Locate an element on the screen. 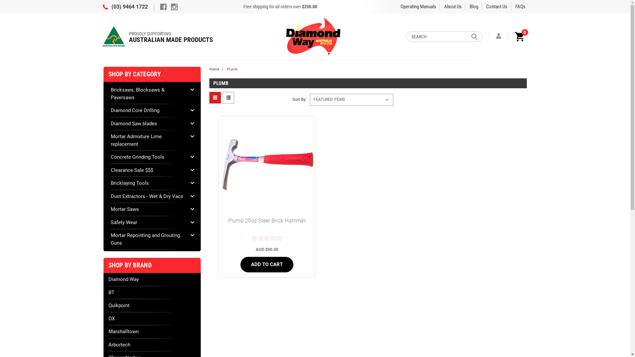 The height and width of the screenshot is (357, 635). 'Operating Manuals' is located at coordinates (418, 6).